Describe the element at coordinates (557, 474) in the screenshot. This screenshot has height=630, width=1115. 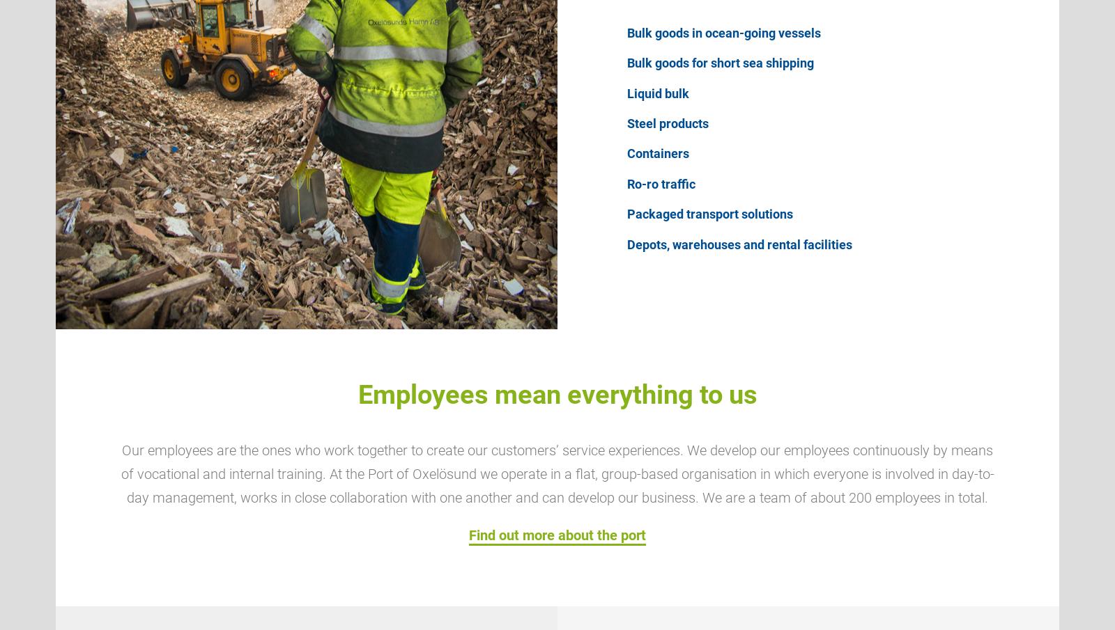
I see `'Our employees are the ones who work together to create our customers’ service experiences. We develop our employees continuously by means of vocational and internal training. At the Port of Oxelösund we operate in a flat, group-based organisation in which everyone is involved in day-to-day management, works in close collaboration with one another and can develop our business. We are a team of about 200 employees in total.'` at that location.